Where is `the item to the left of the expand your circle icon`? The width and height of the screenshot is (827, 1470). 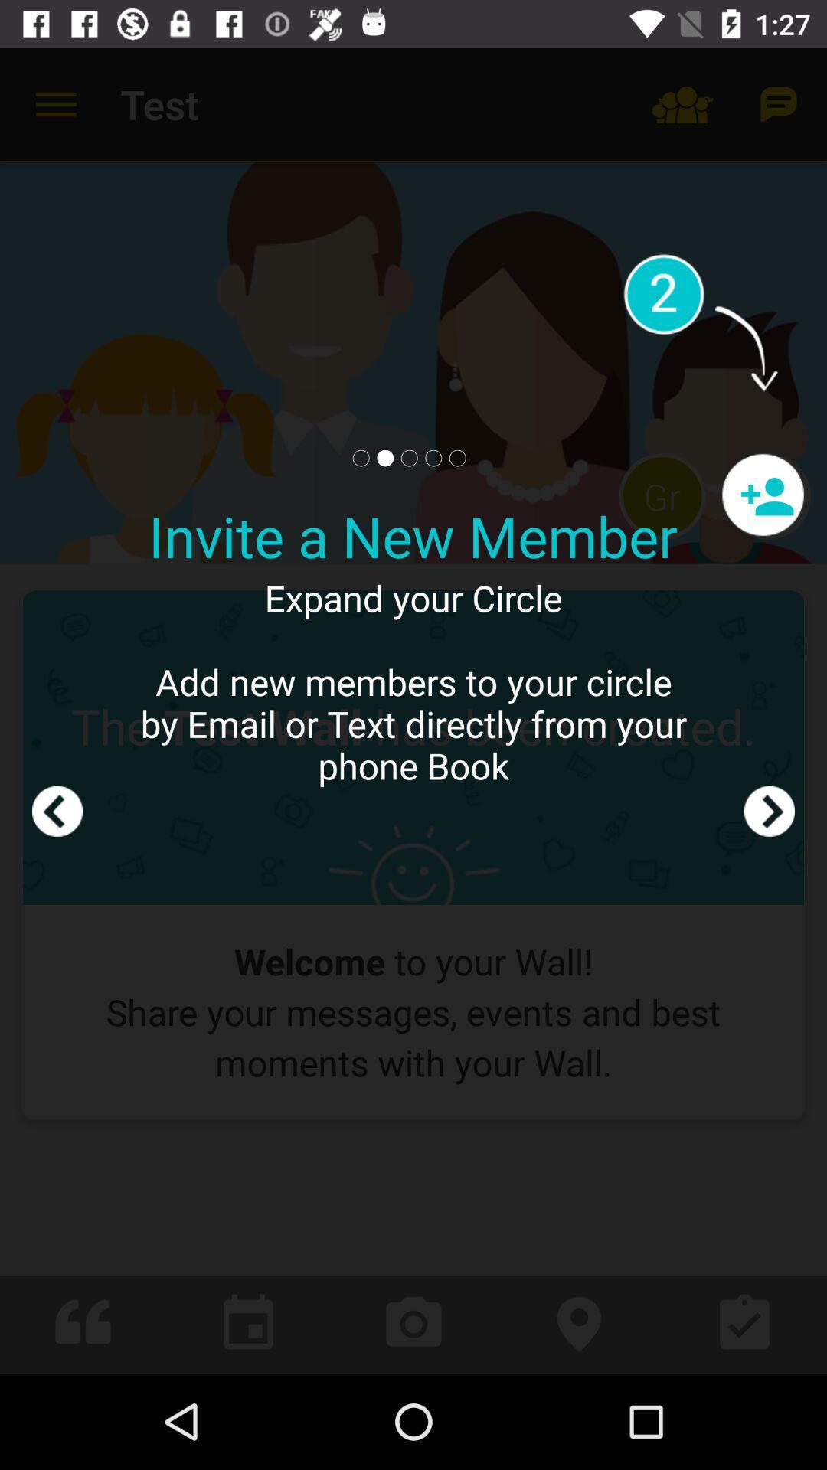 the item to the left of the expand your circle icon is located at coordinates (56, 710).